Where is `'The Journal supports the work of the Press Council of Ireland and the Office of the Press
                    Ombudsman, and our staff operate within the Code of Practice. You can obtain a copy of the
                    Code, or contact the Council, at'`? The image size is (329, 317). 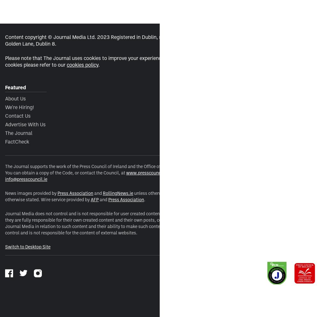
'The Journal supports the work of the Press Council of Ireland and the Office of the Press
                    Ombudsman, and our staff operate within the Code of Practice. You can obtain a copy of the
                    Code, or contact the Council, at' is located at coordinates (156, 169).